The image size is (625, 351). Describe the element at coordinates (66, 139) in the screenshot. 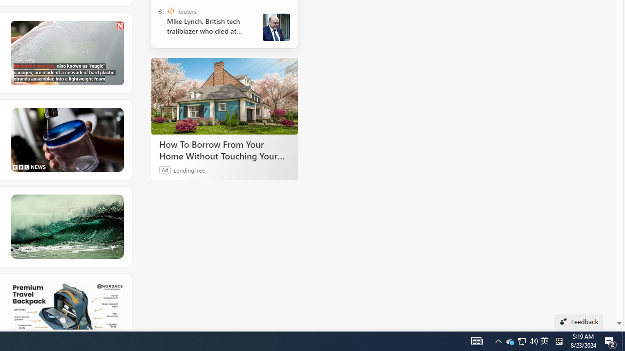

I see `'These Cities Are About to Run Out of Clean Drinking Water'` at that location.